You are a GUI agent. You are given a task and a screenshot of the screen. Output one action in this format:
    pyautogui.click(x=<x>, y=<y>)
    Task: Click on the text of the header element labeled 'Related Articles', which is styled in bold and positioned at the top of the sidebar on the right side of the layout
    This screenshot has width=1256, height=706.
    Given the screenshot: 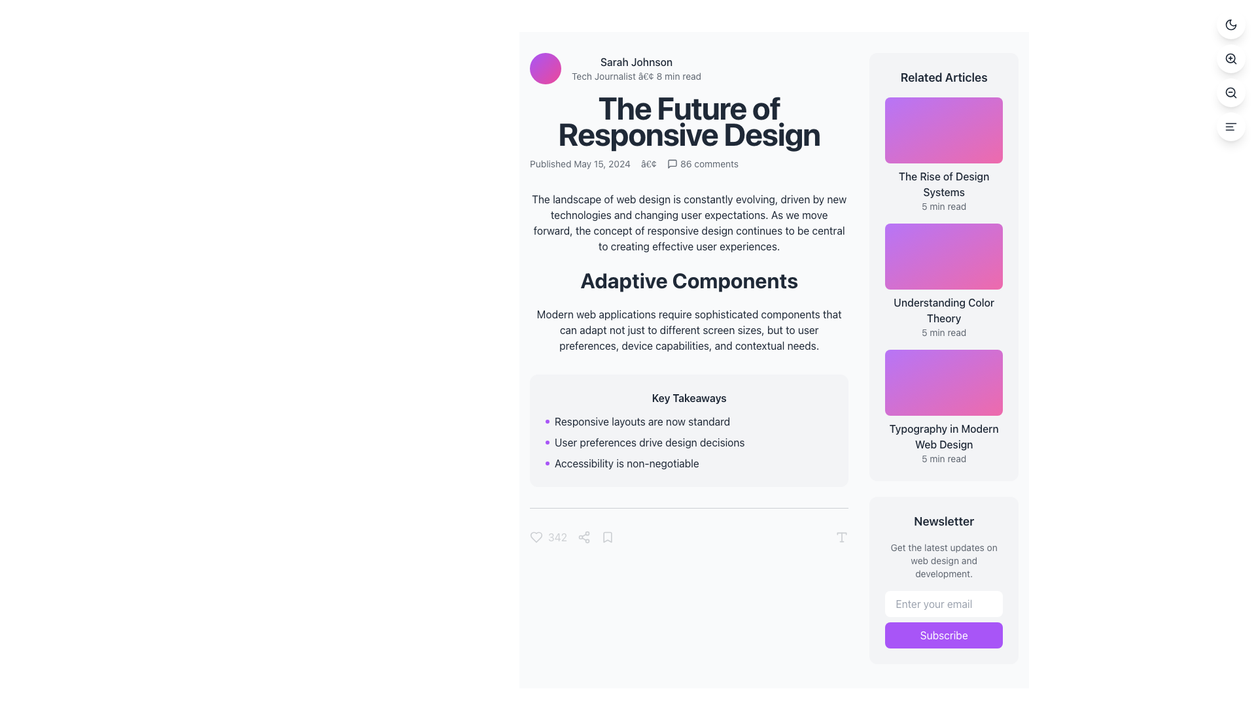 What is the action you would take?
    pyautogui.click(x=944, y=78)
    